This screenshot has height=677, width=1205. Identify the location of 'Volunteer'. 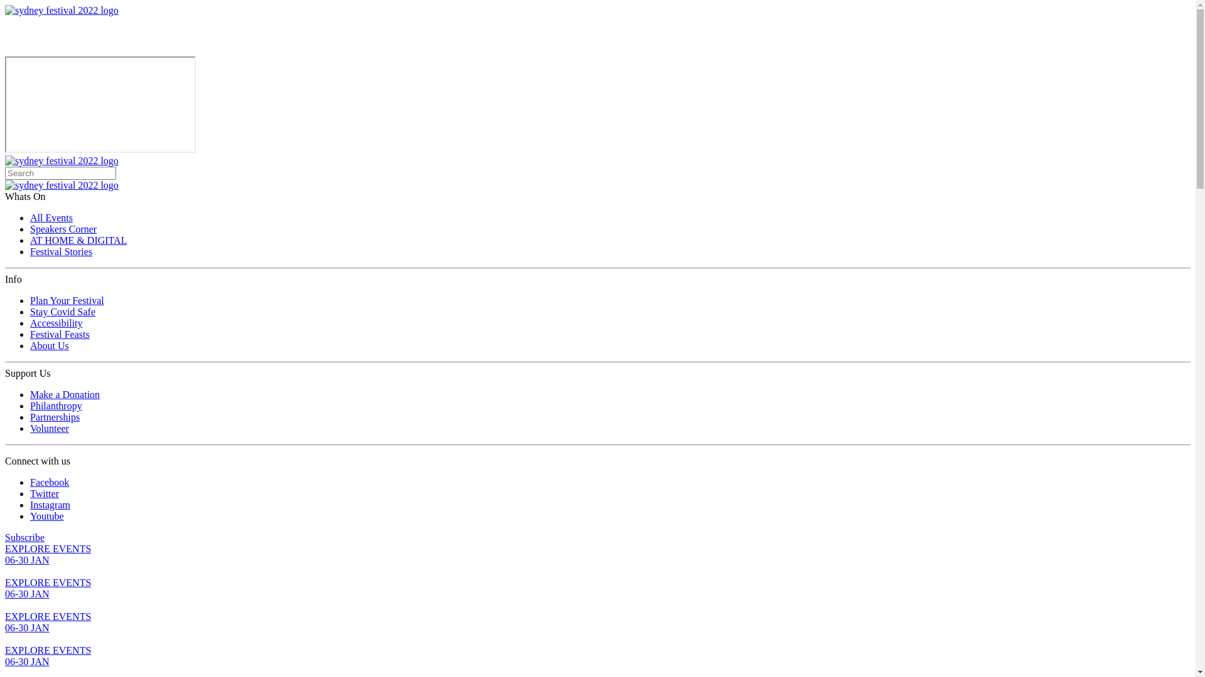
(49, 428).